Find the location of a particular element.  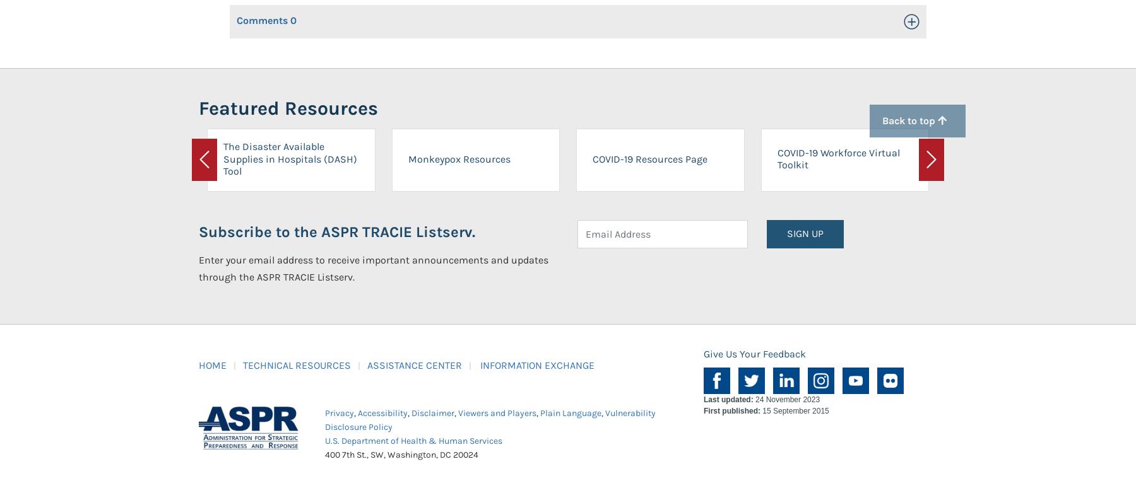

'SIGN UP' is located at coordinates (805, 233).